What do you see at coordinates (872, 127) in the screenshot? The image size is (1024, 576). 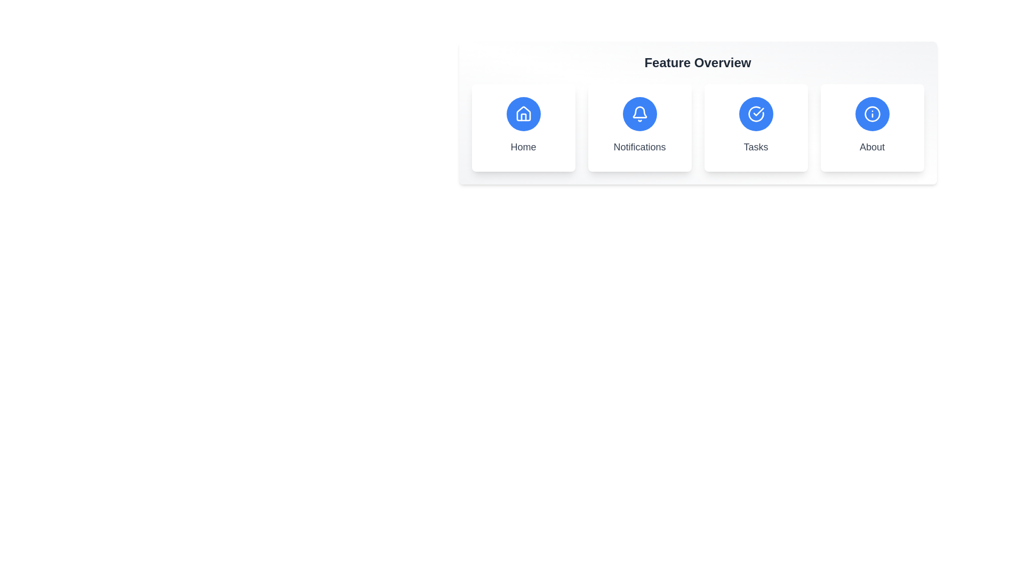 I see `the fourth card in the grid, which contains a blue circular 'i' icon and the text 'About'` at bounding box center [872, 127].